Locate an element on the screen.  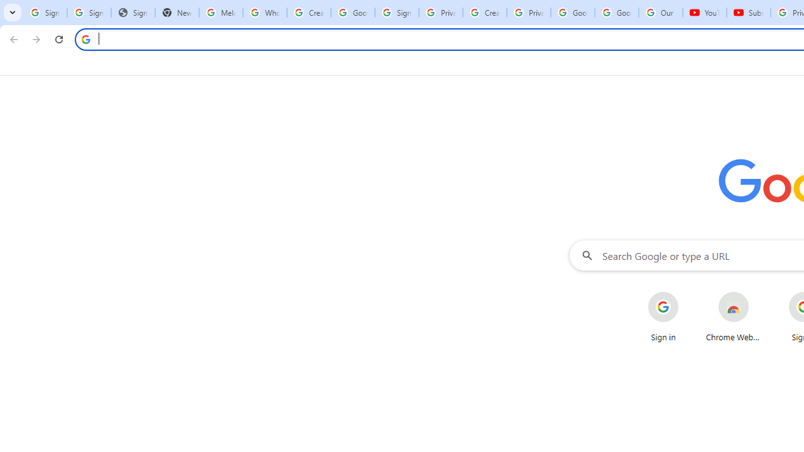
'Chrome Web Store' is located at coordinates (734, 316).